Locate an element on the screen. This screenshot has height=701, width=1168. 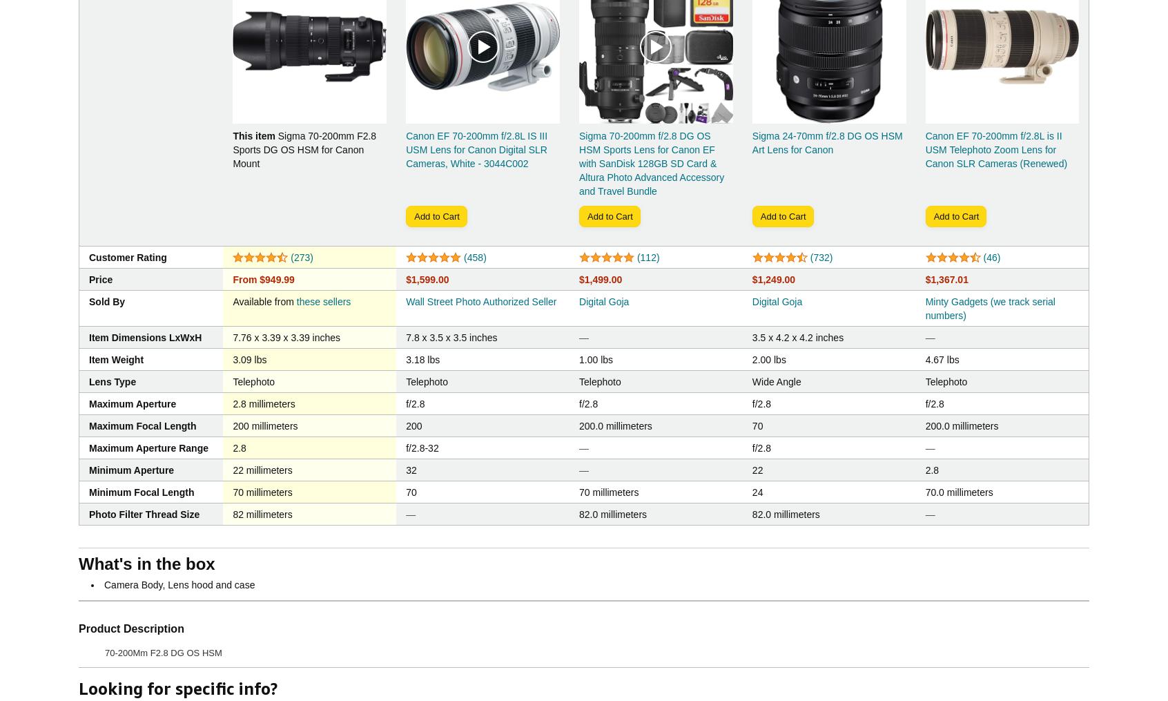
'Item Weight' is located at coordinates (115, 359).